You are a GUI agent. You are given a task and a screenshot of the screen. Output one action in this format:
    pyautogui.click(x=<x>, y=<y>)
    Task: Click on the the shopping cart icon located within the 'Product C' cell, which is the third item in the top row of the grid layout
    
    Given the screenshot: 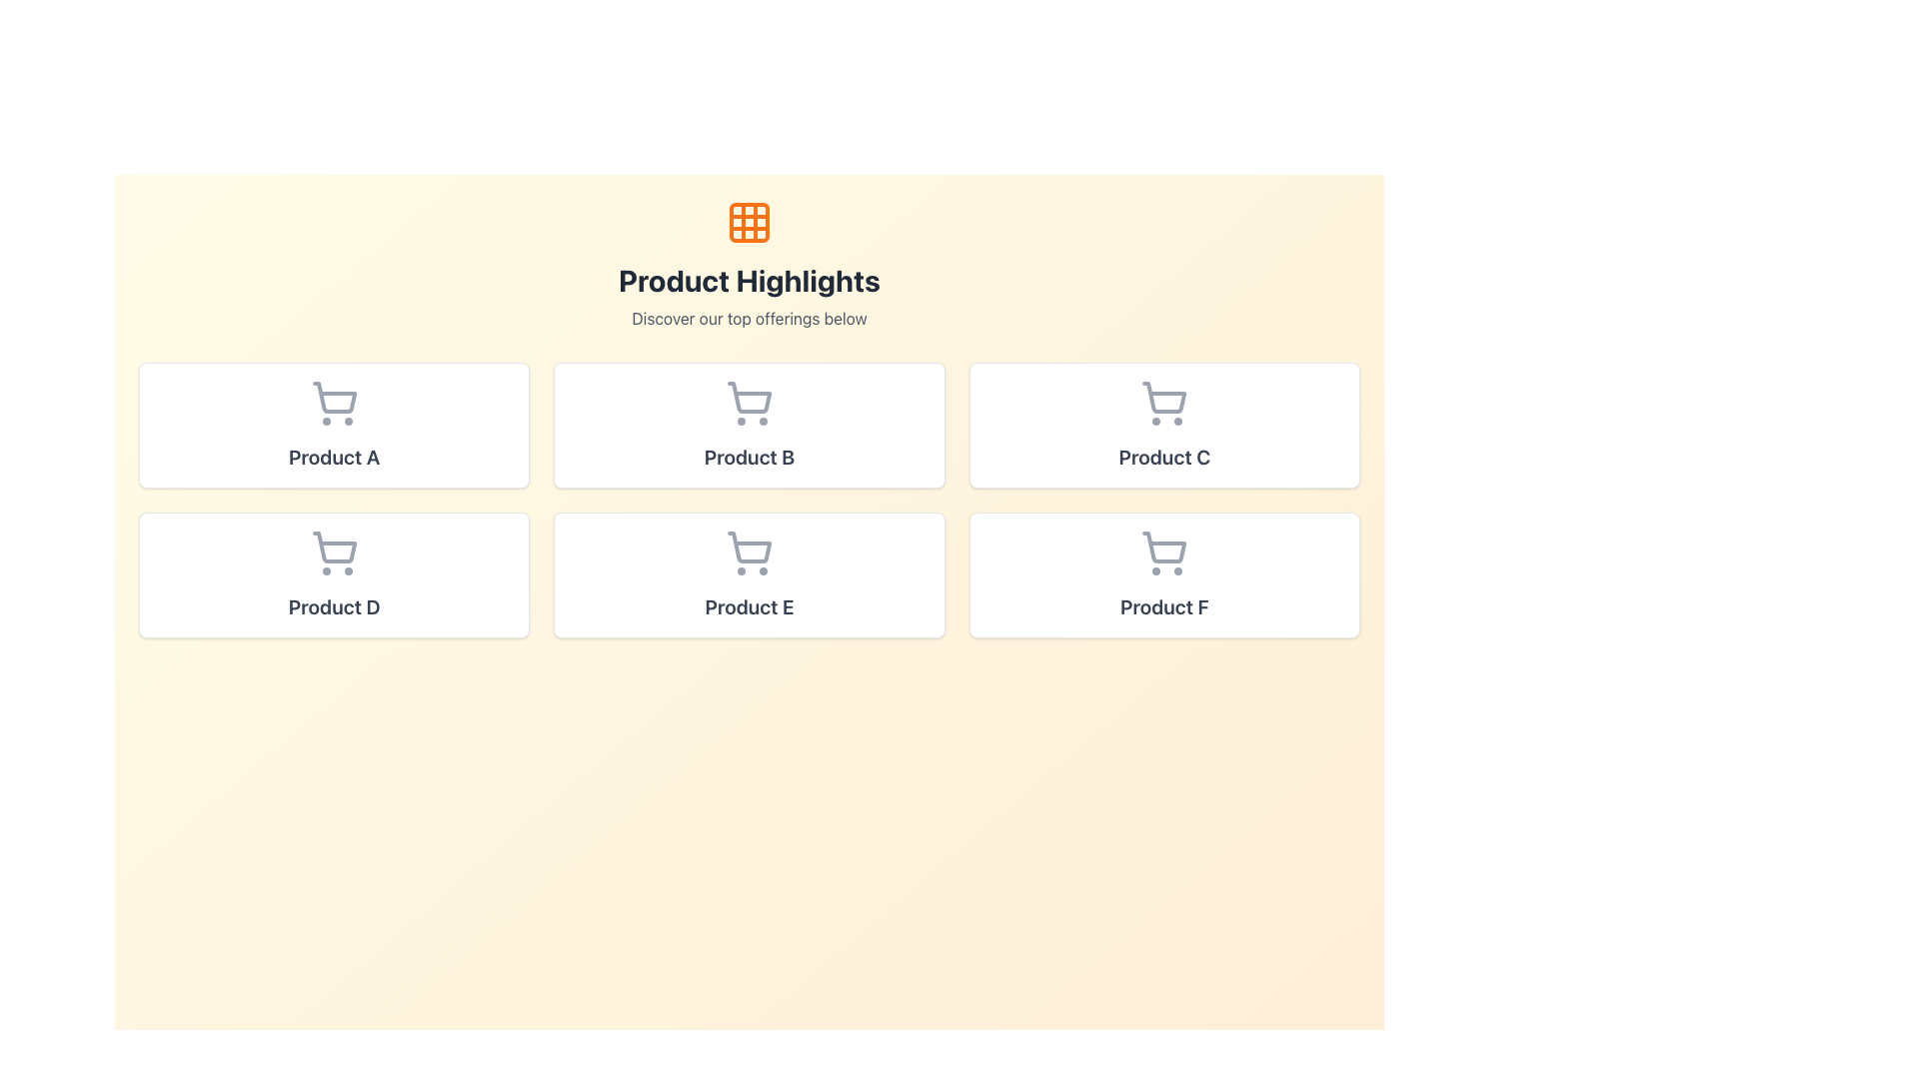 What is the action you would take?
    pyautogui.click(x=1164, y=398)
    